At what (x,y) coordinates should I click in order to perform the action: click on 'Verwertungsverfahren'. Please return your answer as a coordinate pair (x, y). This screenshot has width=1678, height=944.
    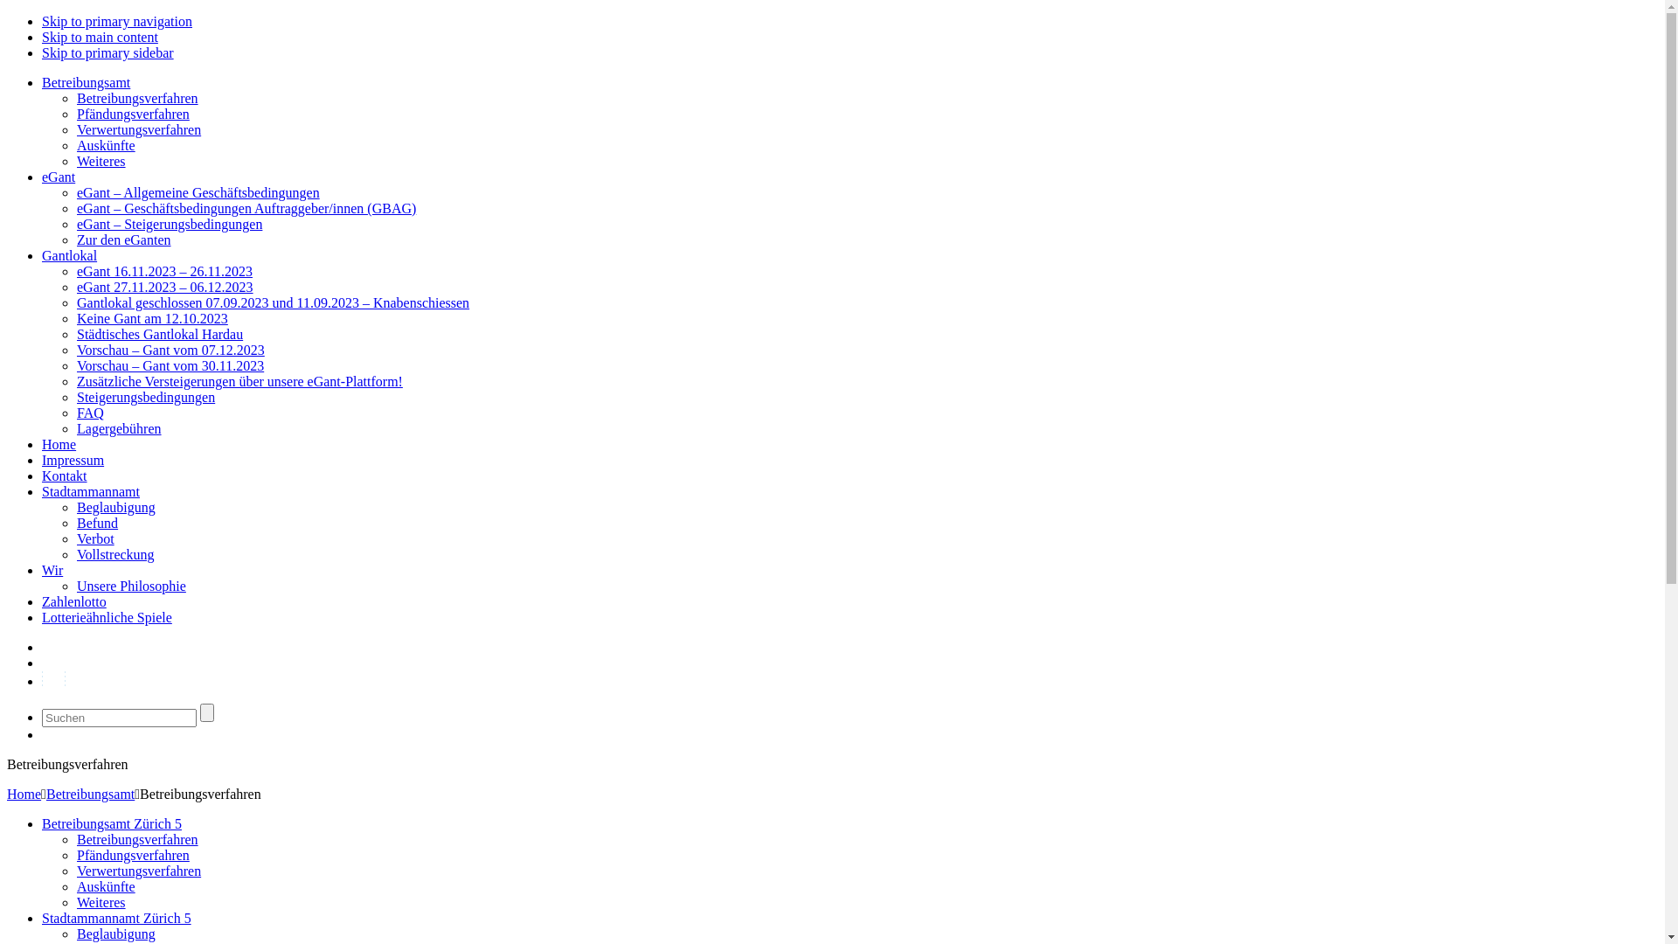
    Looking at the image, I should click on (137, 128).